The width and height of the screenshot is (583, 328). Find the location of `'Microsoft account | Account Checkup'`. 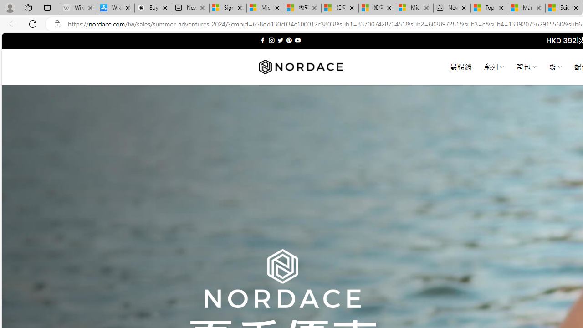

'Microsoft account | Account Checkup' is located at coordinates (414, 8).